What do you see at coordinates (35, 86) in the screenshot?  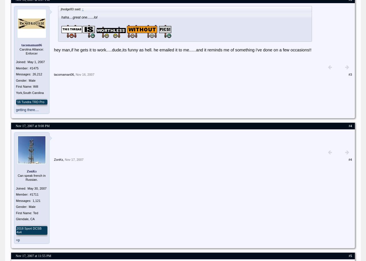 I see `'Will'` at bounding box center [35, 86].